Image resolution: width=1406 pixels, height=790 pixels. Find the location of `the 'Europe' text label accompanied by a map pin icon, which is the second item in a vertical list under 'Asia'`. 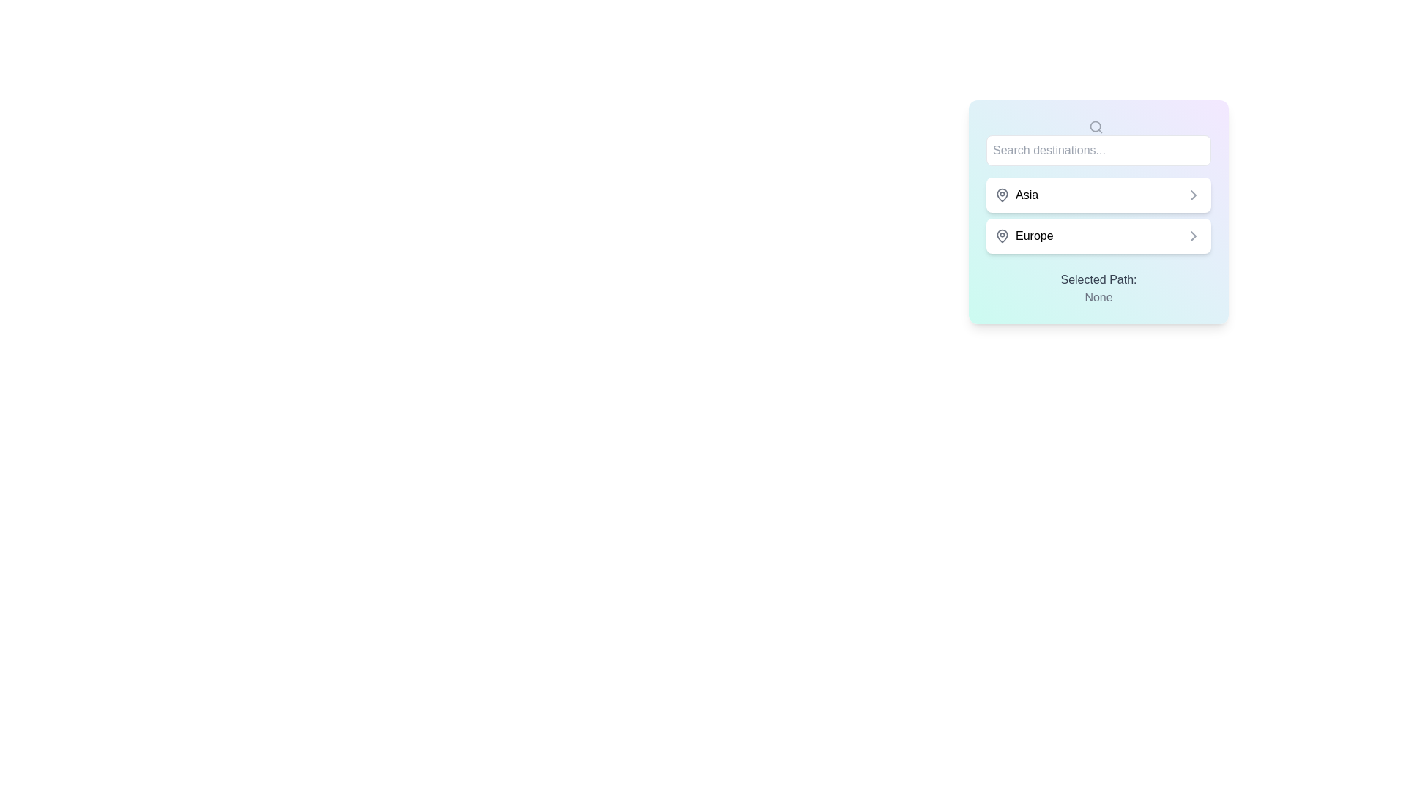

the 'Europe' text label accompanied by a map pin icon, which is the second item in a vertical list under 'Asia' is located at coordinates (1023, 236).